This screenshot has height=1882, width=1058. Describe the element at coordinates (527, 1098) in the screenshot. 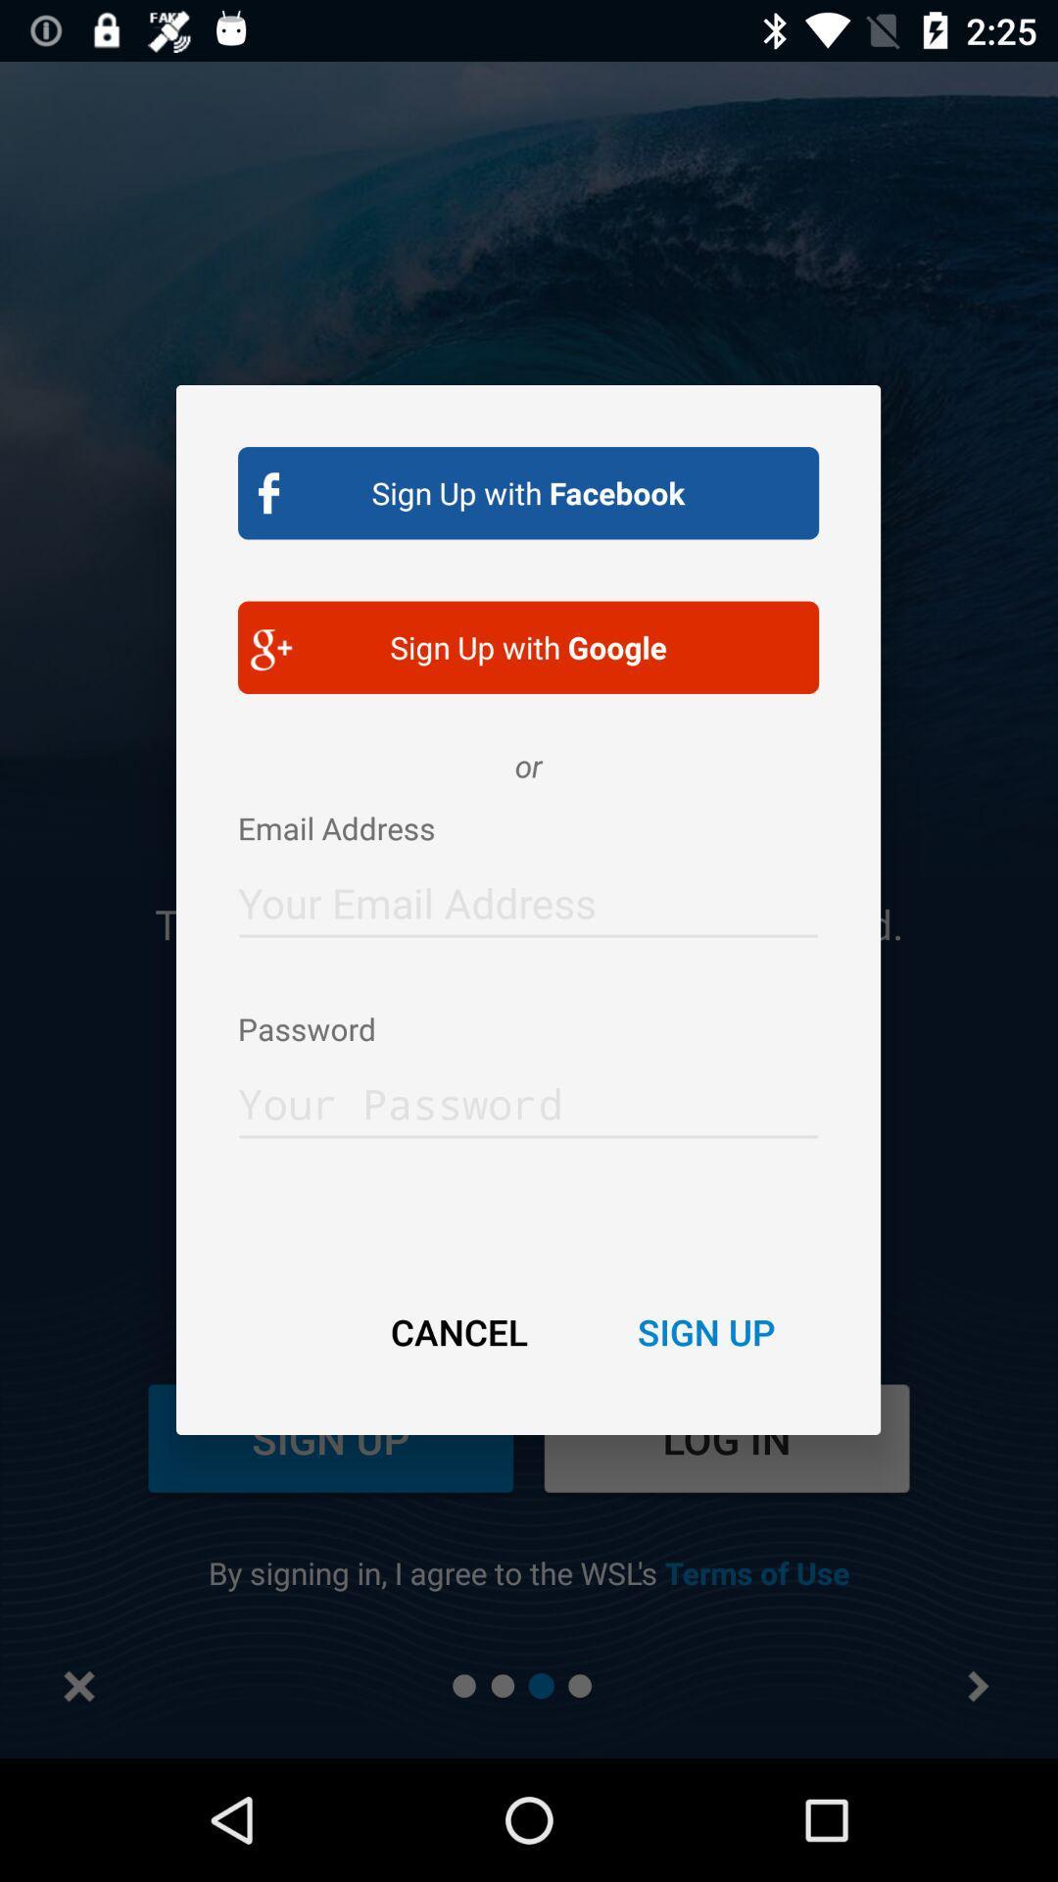

I see `password` at that location.